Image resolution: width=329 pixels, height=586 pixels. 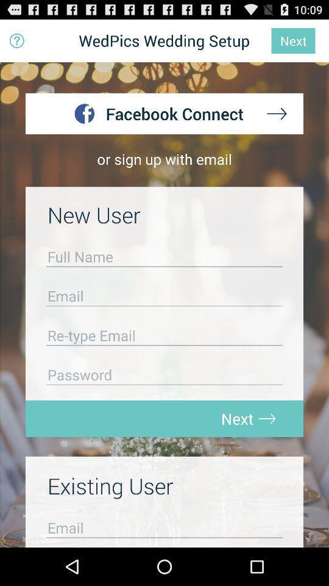 What do you see at coordinates (293, 41) in the screenshot?
I see `next which is on the top right corner` at bounding box center [293, 41].